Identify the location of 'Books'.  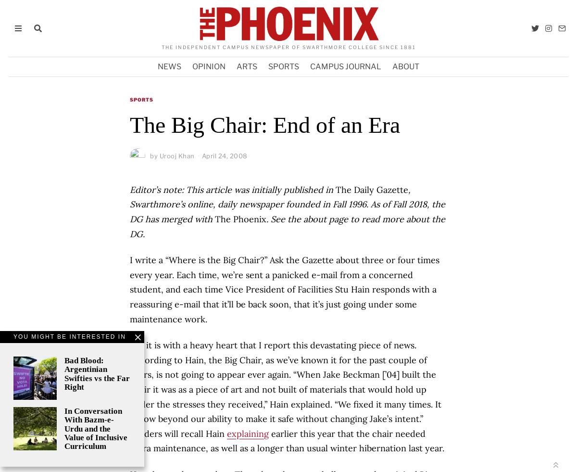
(188, 279).